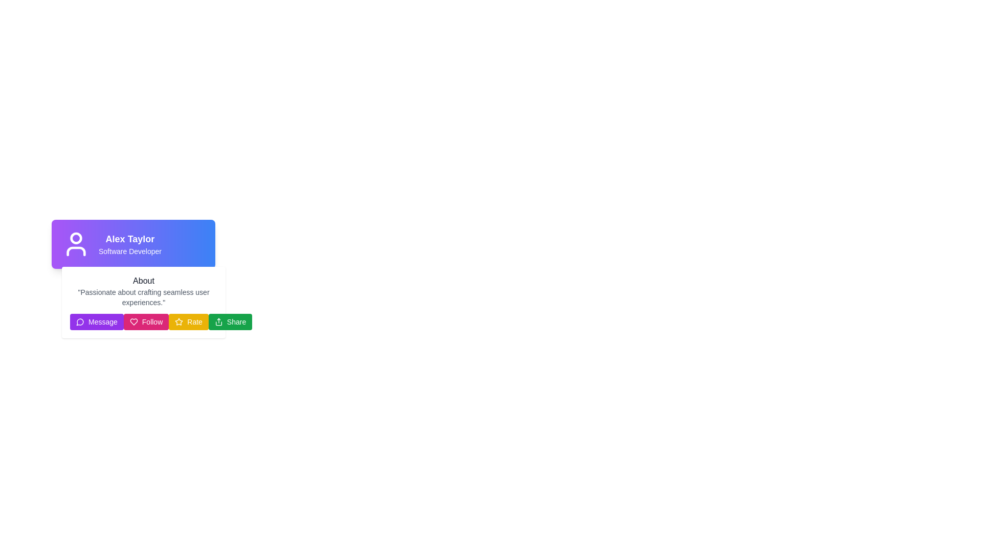  What do you see at coordinates (79, 322) in the screenshot?
I see `the speech bubble icon located in the top left corner of the action button row below the user profile card to initiate a message action` at bounding box center [79, 322].